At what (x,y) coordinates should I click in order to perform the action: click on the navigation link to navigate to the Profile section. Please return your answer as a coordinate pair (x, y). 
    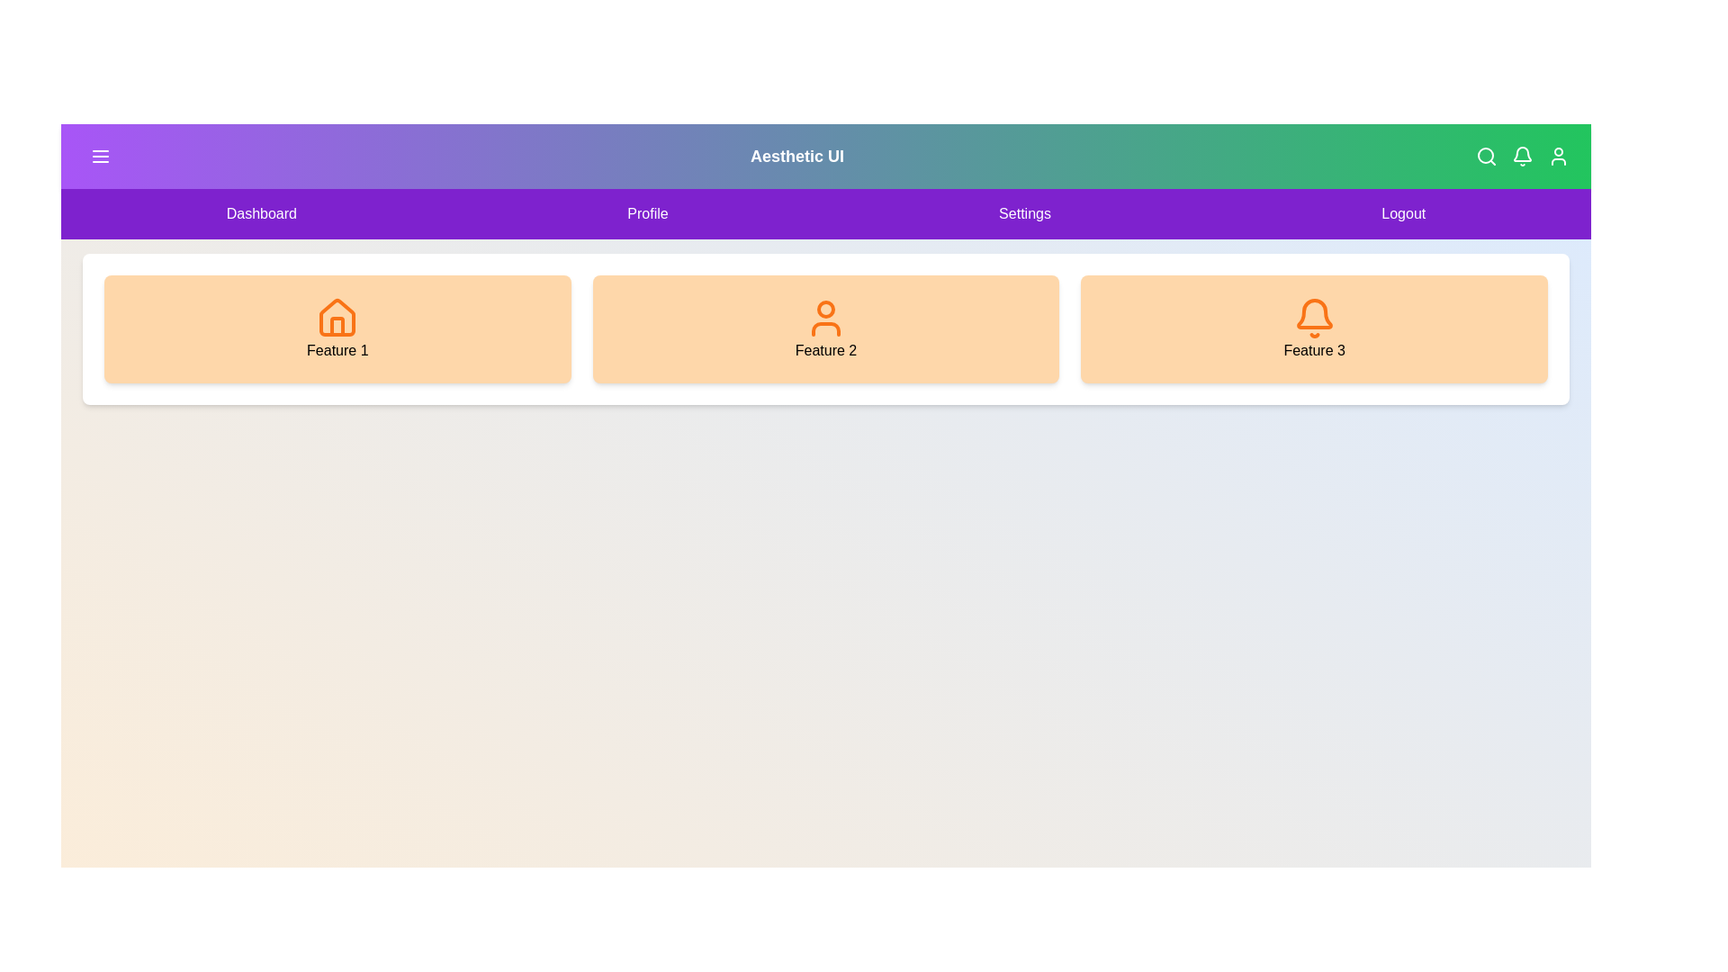
    Looking at the image, I should click on (648, 213).